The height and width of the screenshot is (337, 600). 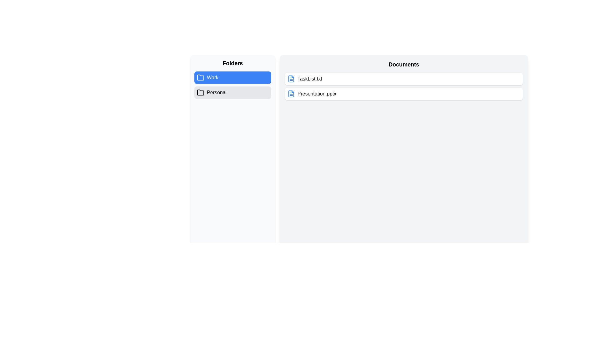 I want to click on the 'Personal' folder icon located in the left panel under the 'Folders' section, so click(x=201, y=92).